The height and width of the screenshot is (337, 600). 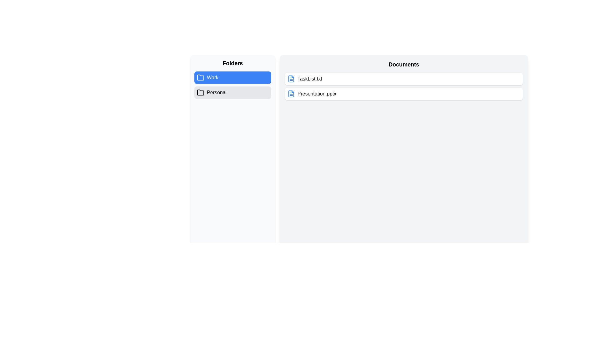 I want to click on the 'Personal' folder icon located in the left panel under the 'Folders' section, so click(x=201, y=92).